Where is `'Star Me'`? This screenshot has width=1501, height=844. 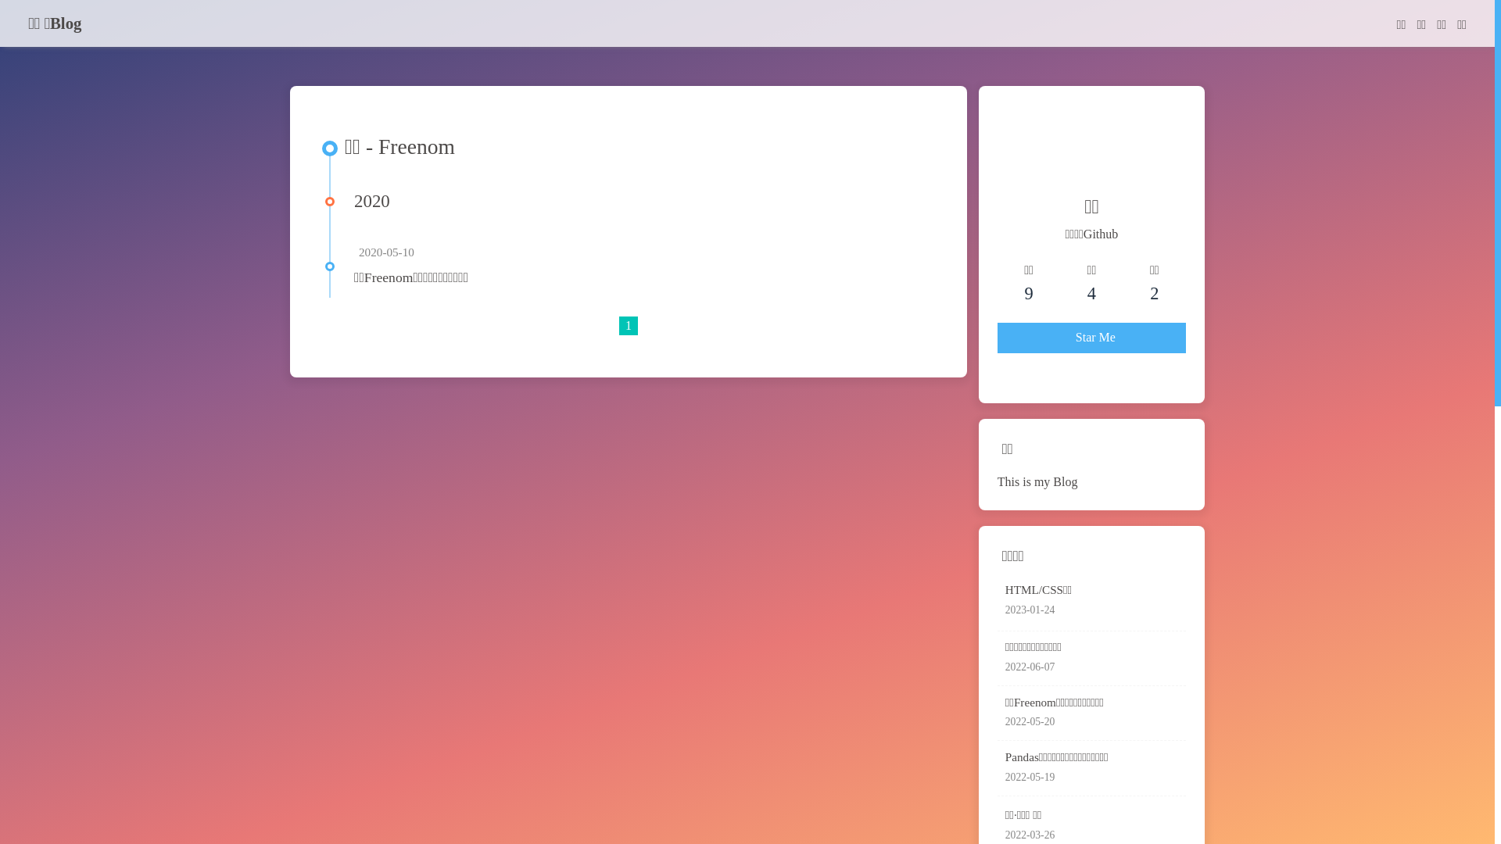
'Star Me' is located at coordinates (1091, 337).